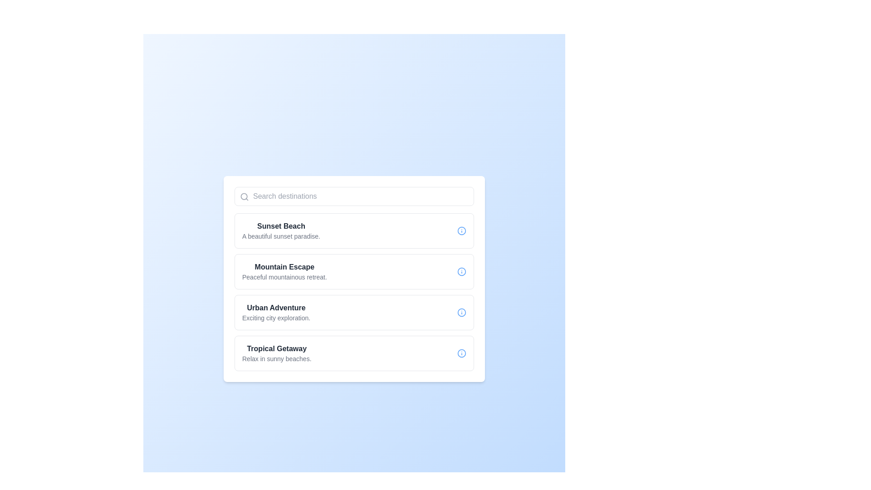 The image size is (871, 490). What do you see at coordinates (276, 312) in the screenshot?
I see `the 'Urban Adventure' selectable option in the list of exploration destinations, which is the third option beneath 'Mountain Escape' and above 'Tropical Getaway'` at bounding box center [276, 312].